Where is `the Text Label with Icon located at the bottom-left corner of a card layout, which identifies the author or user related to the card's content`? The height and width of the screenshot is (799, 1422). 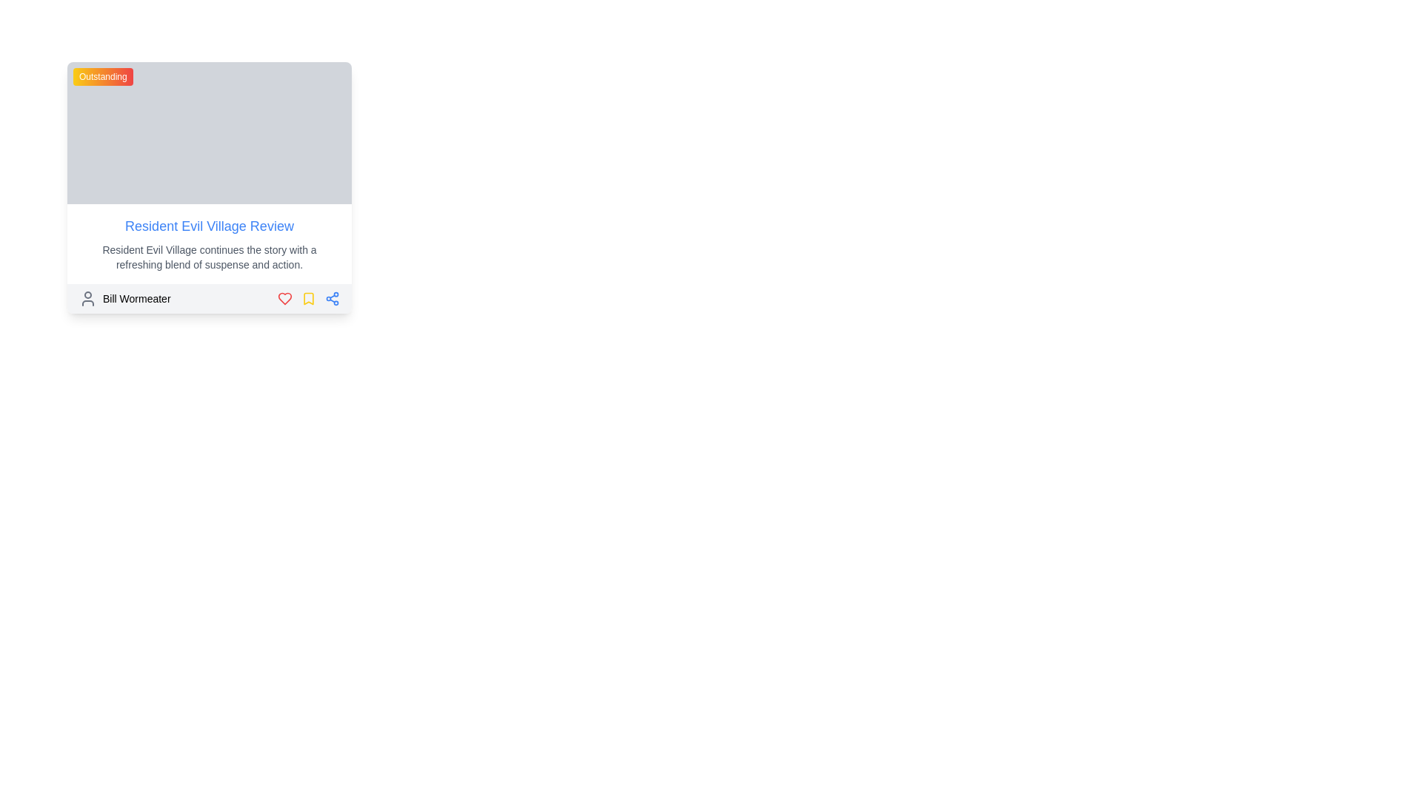
the Text Label with Icon located at the bottom-left corner of a card layout, which identifies the author or user related to the card's content is located at coordinates (124, 299).